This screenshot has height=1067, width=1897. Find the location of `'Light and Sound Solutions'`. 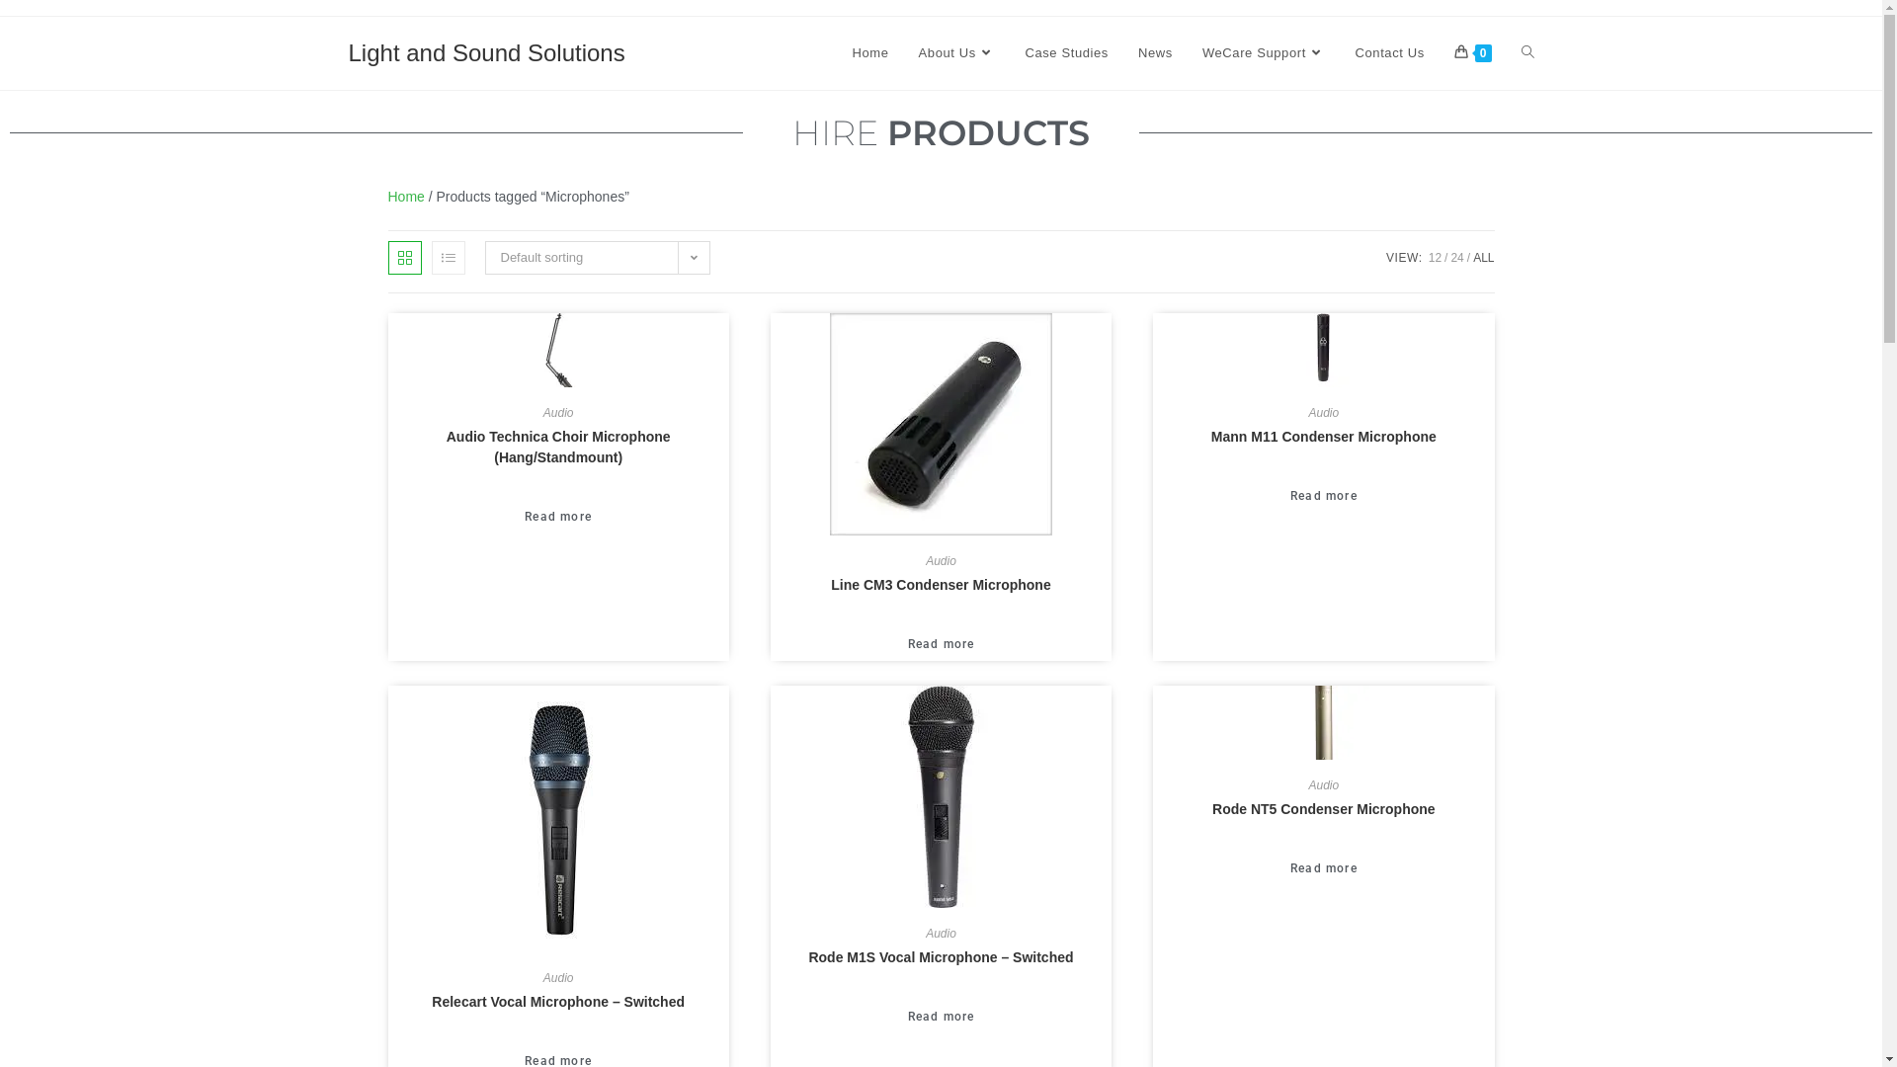

'Light and Sound Solutions' is located at coordinates (485, 51).